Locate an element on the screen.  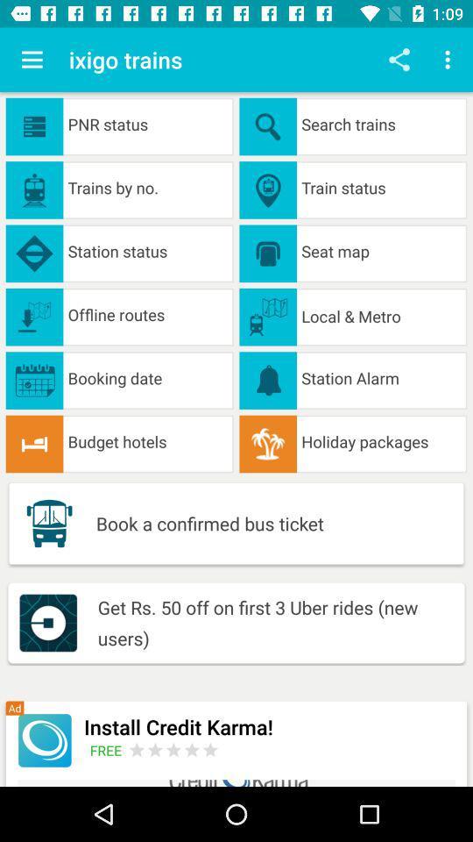
free is located at coordinates (109, 749).